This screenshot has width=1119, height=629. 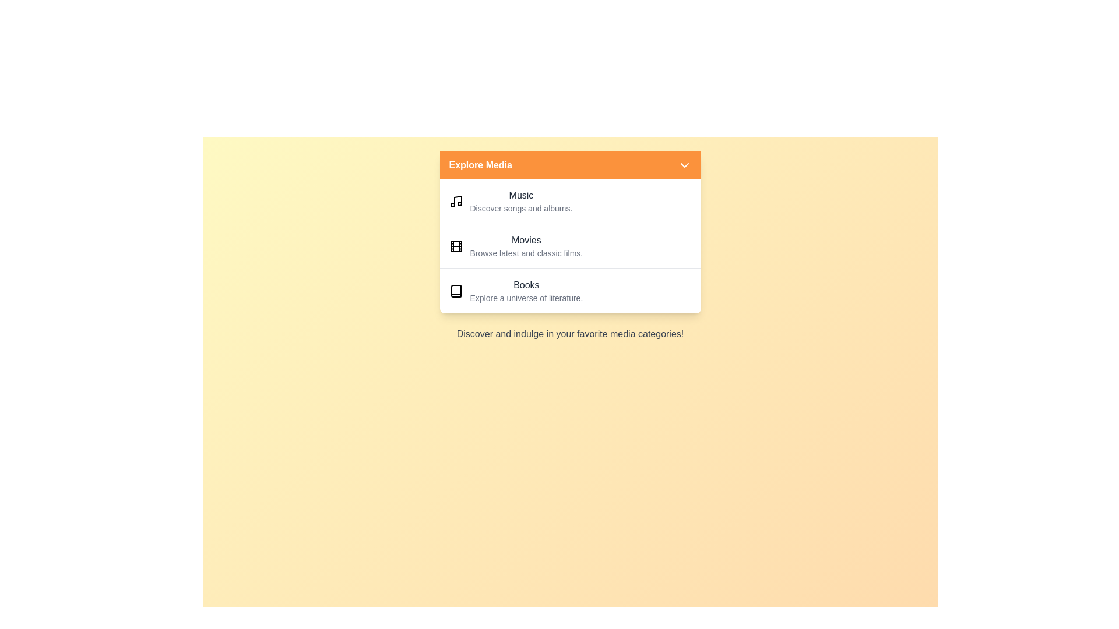 I want to click on the media category Music by clicking on its corresponding list item, so click(x=570, y=201).